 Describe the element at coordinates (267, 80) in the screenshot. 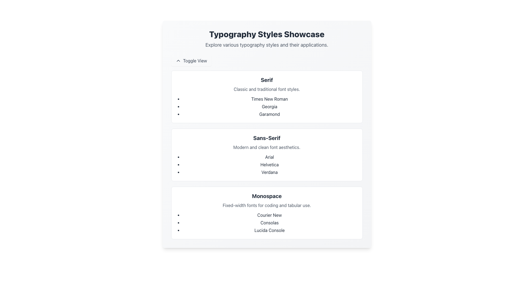

I see `the heading text indicating the section's theme about serif font styles, located at the top of the 'Serif' section` at that location.